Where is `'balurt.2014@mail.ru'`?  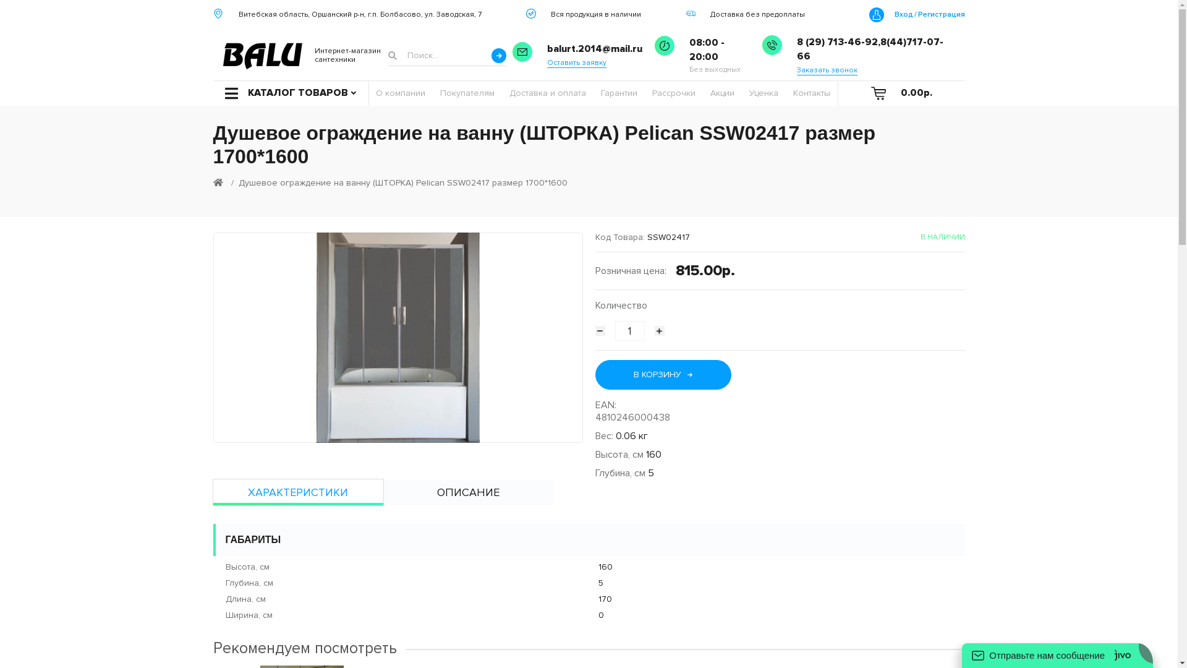 'balurt.2014@mail.ru' is located at coordinates (594, 48).